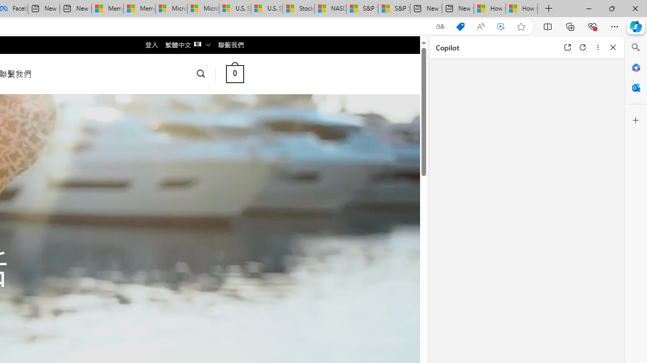 Image resolution: width=647 pixels, height=363 pixels. Describe the element at coordinates (234, 73) in the screenshot. I see `'  0  '` at that location.